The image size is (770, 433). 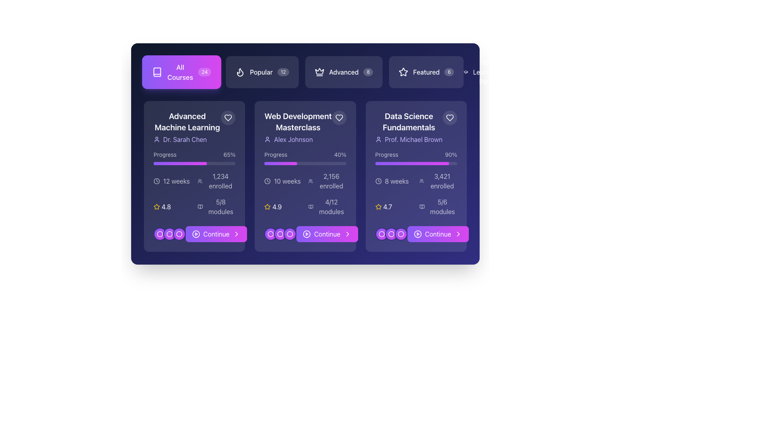 What do you see at coordinates (283, 72) in the screenshot?
I see `the Badge indicator representing the numerical count of items or notifications associated with the 'Popular' category button, positioned adjacent to the text 'Popular' in the navigation bar` at bounding box center [283, 72].